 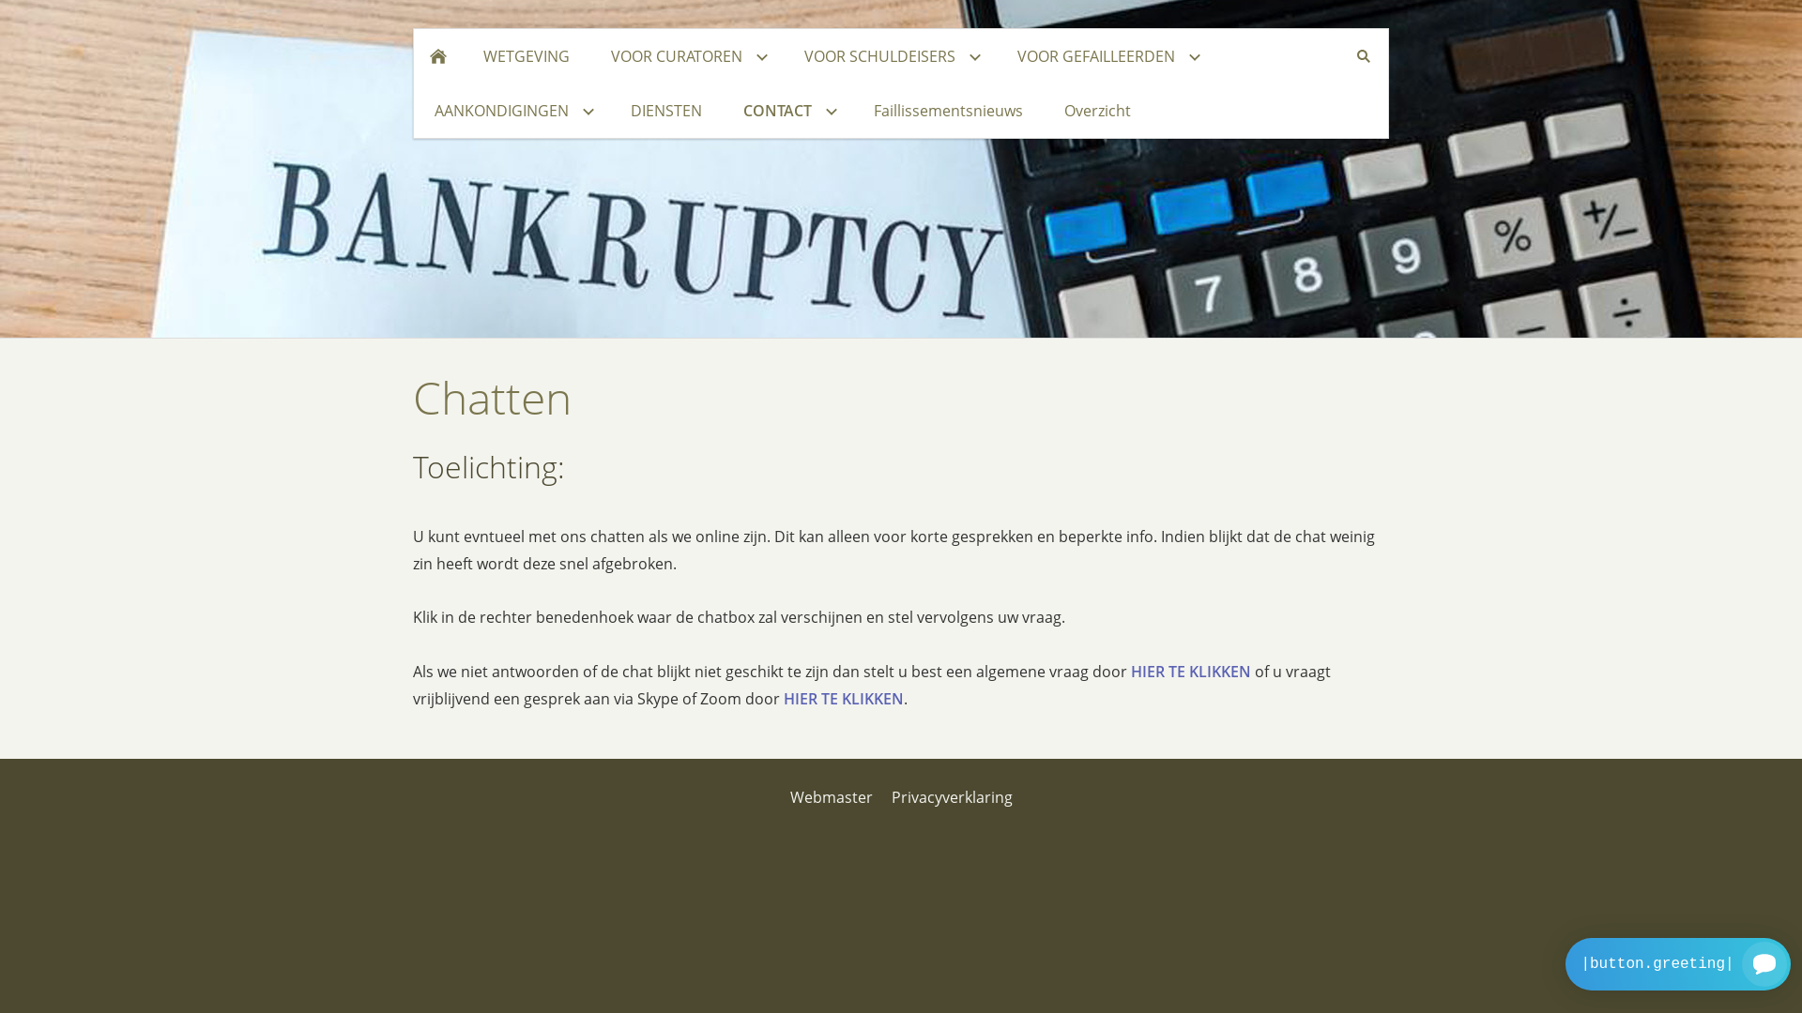 What do you see at coordinates (831, 796) in the screenshot?
I see `'Webmaster'` at bounding box center [831, 796].